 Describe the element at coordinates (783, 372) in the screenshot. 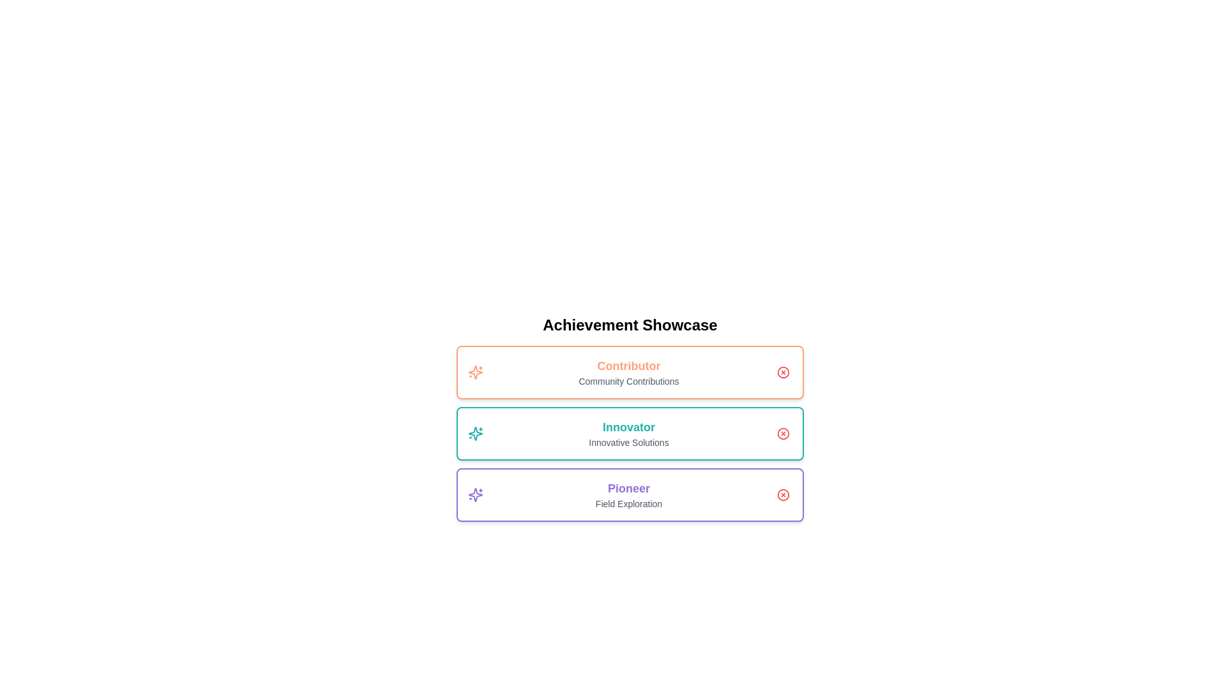

I see `close button to remove the Contributor achievement` at that location.